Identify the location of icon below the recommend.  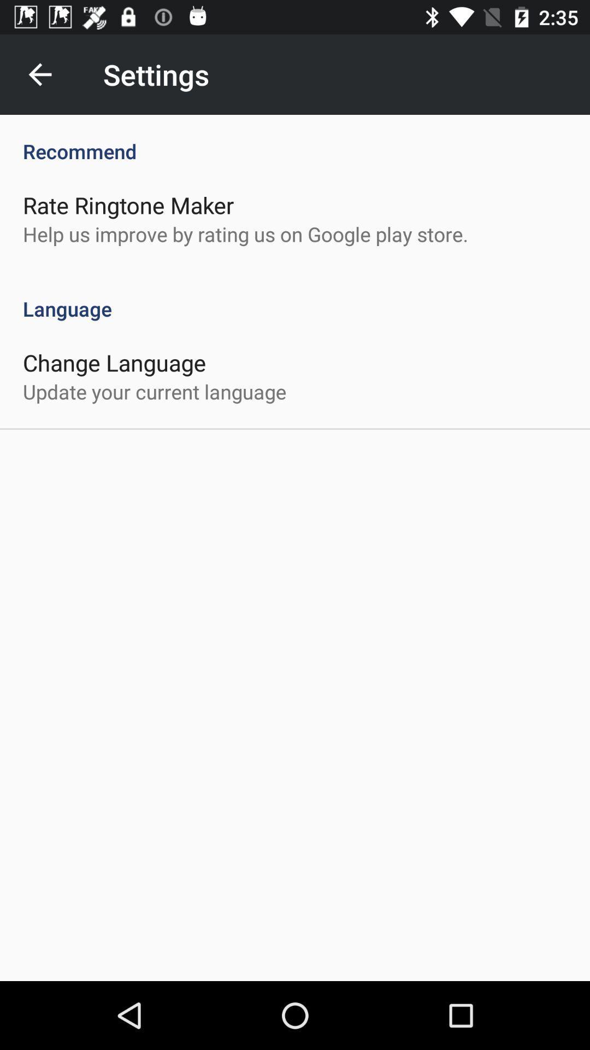
(128, 205).